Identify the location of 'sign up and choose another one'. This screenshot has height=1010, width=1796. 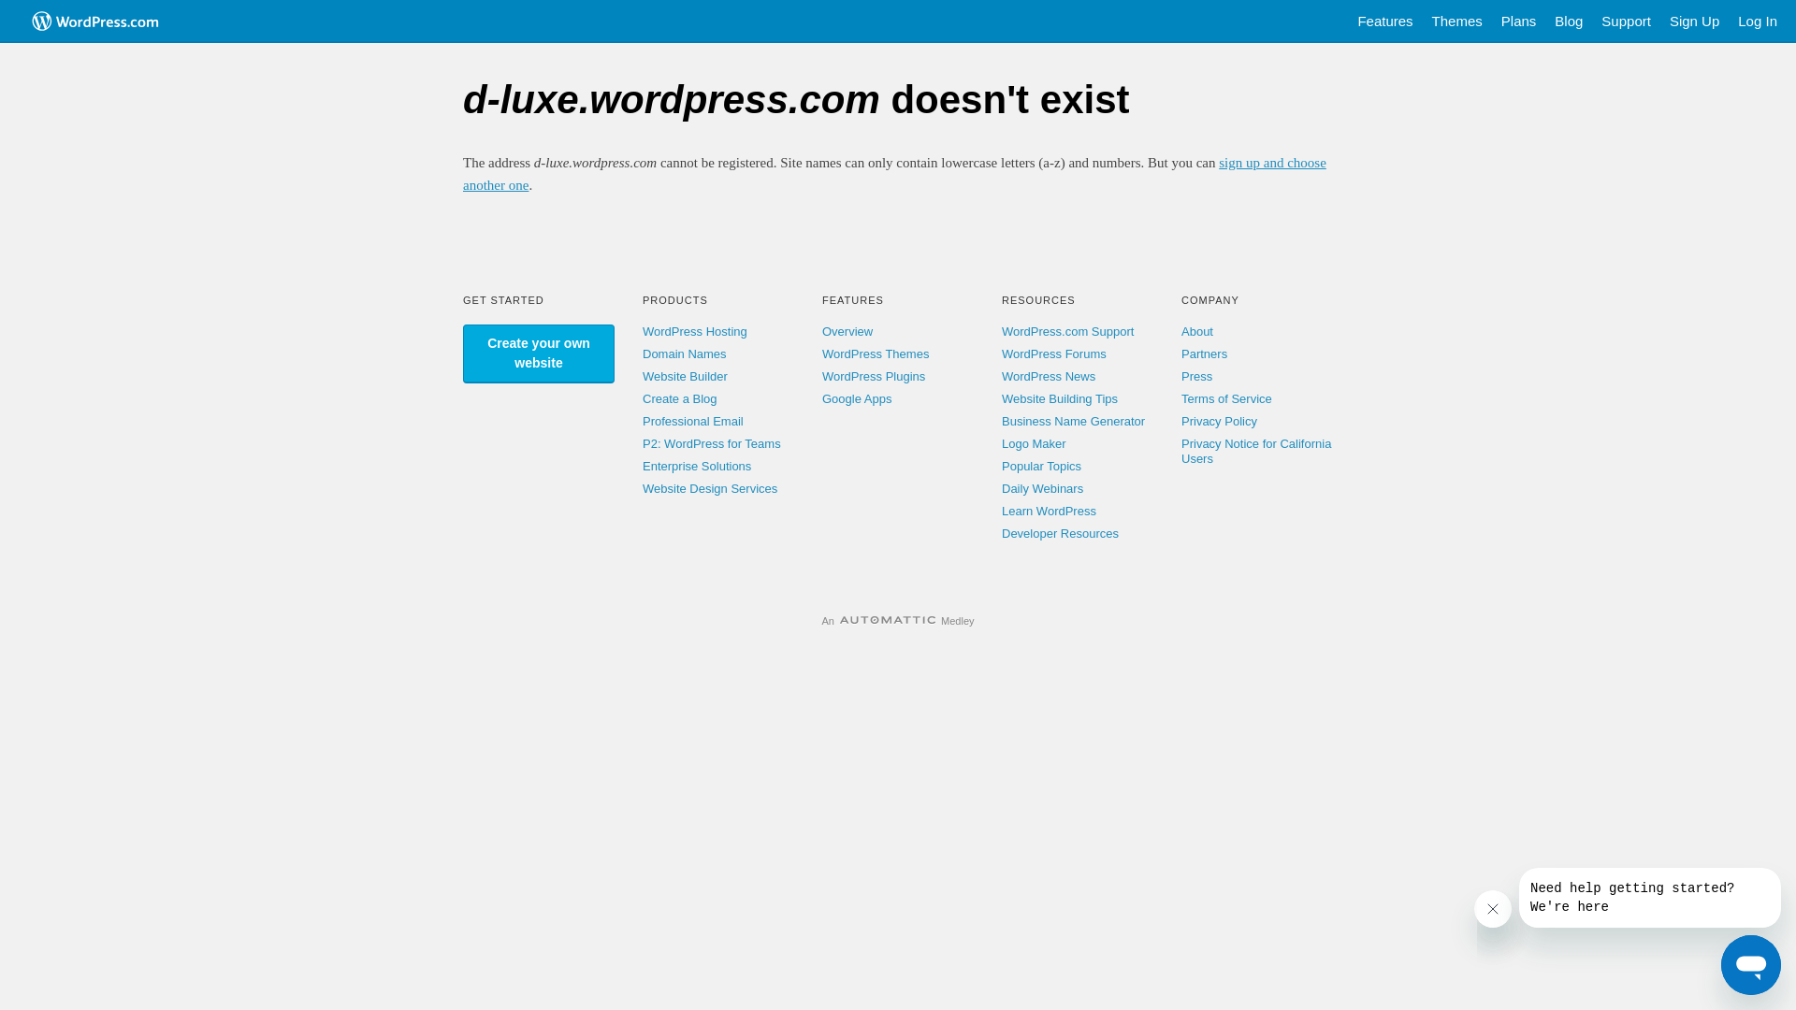
(462, 173).